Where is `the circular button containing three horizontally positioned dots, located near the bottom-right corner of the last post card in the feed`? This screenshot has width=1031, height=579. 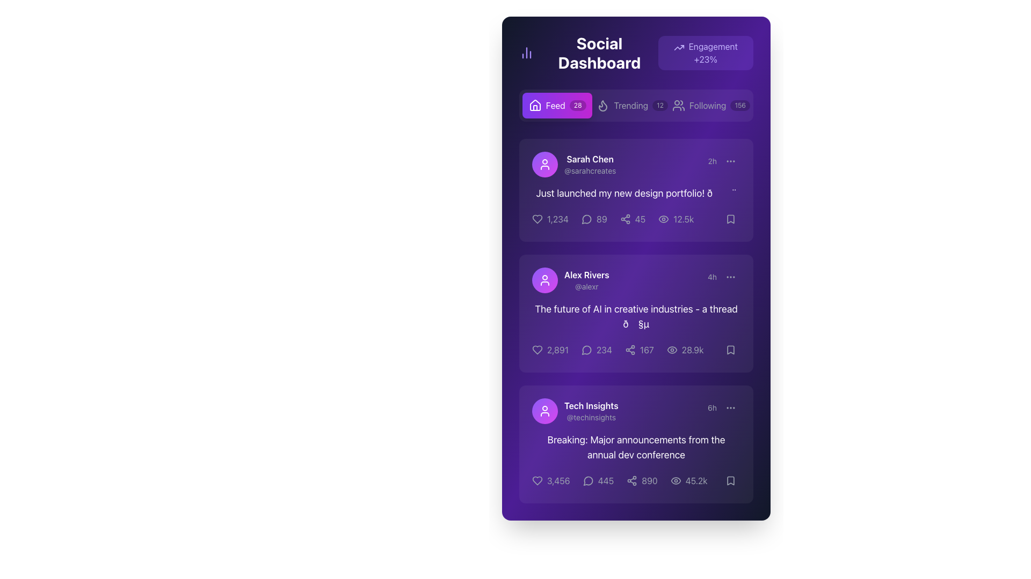 the circular button containing three horizontally positioned dots, located near the bottom-right corner of the last post card in the feed is located at coordinates (730, 407).